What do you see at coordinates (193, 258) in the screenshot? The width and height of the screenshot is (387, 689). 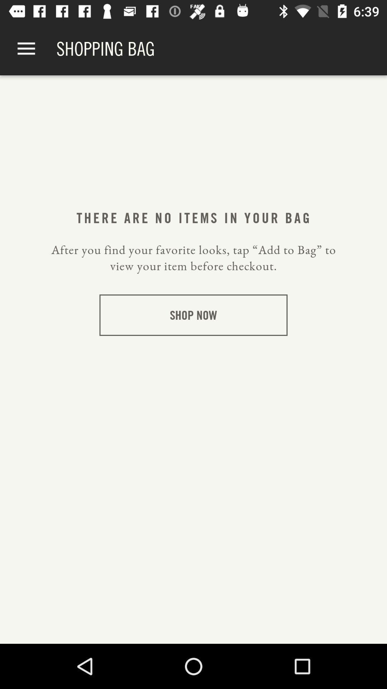 I see `item below the there are no` at bounding box center [193, 258].